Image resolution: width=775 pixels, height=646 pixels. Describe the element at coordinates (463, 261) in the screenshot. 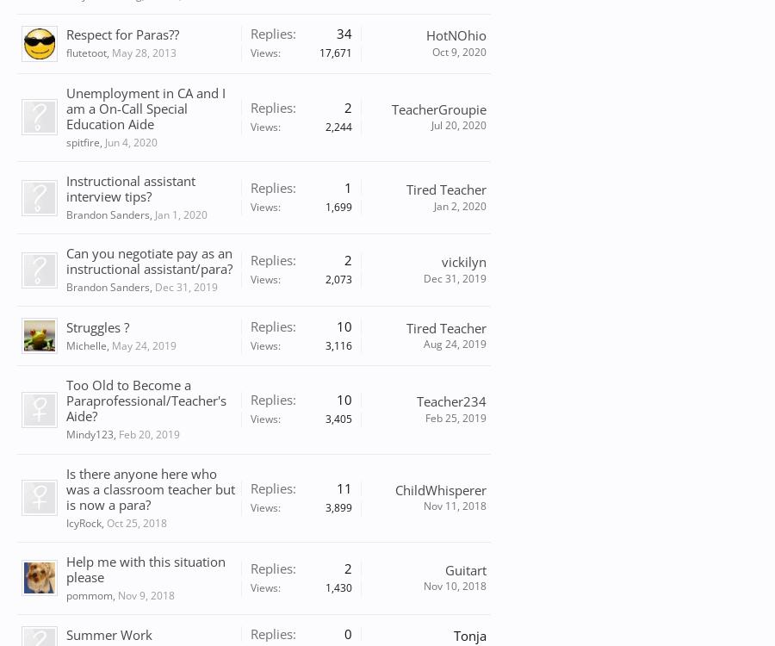

I see `'vickilyn'` at that location.